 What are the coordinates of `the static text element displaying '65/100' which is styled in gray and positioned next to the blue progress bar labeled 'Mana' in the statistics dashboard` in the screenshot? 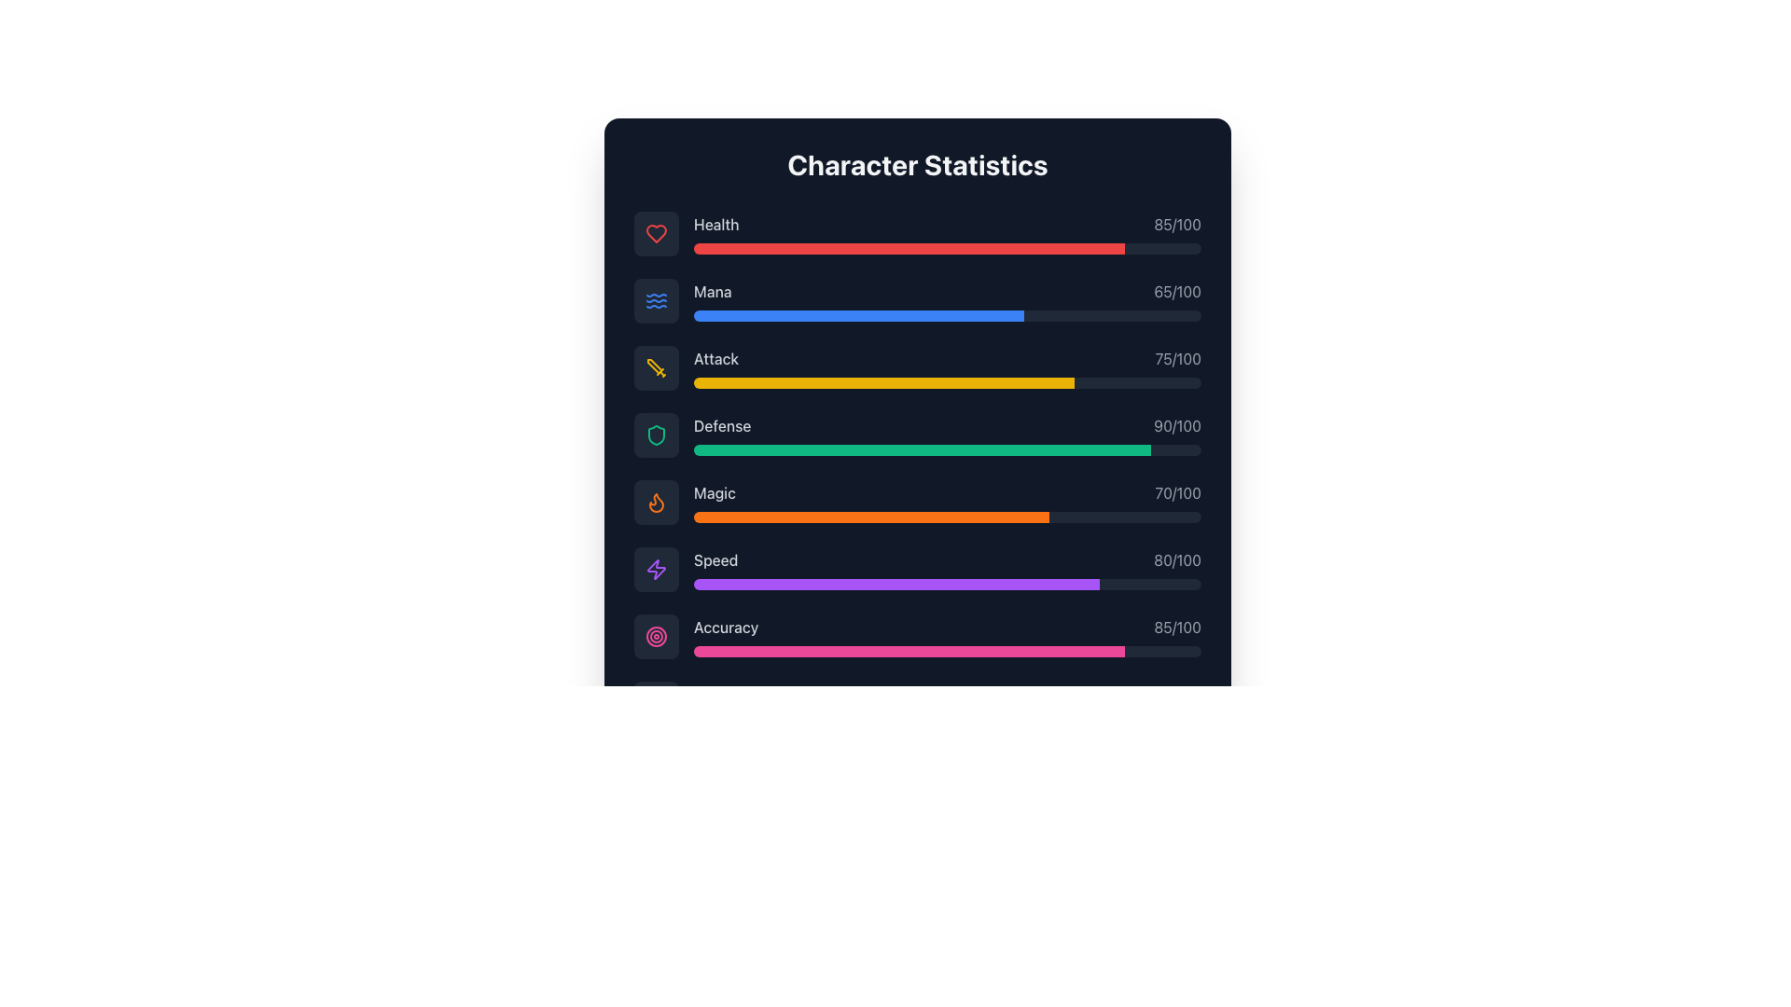 It's located at (1176, 291).